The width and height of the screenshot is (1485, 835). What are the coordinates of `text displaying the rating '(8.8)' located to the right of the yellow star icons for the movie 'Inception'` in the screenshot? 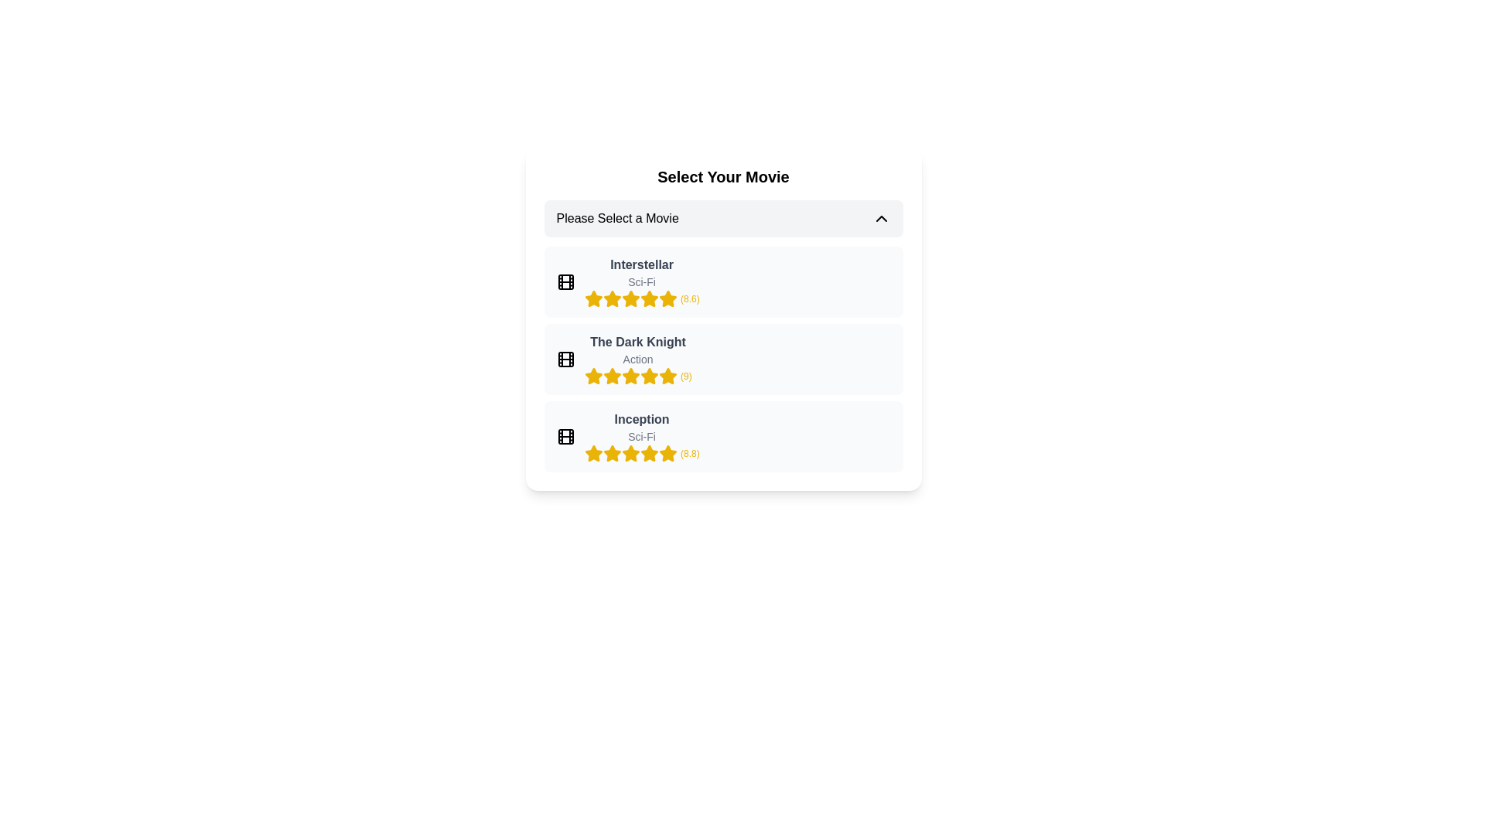 It's located at (689, 452).